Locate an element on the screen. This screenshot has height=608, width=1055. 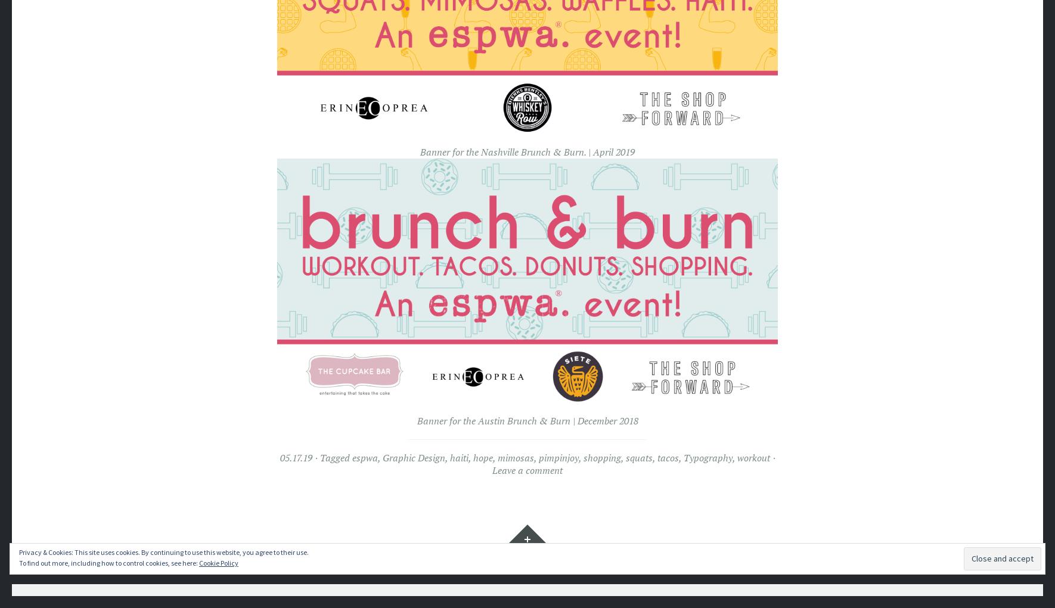
'hope' is located at coordinates (482, 457).